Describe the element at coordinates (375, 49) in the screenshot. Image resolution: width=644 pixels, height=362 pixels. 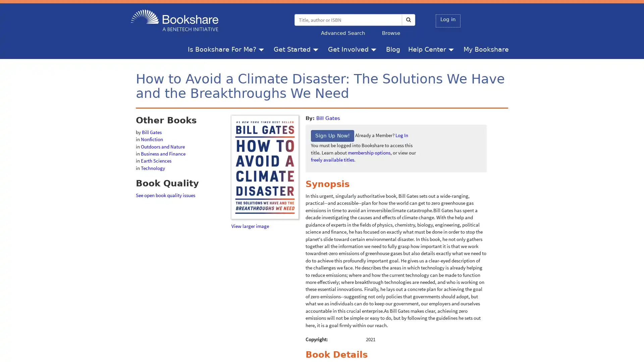
I see `Get Involved menu` at that location.